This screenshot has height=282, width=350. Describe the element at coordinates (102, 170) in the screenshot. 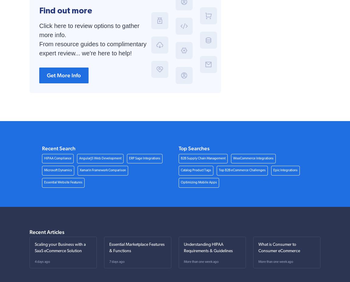

I see `'Xamarin Framework Comparison'` at that location.